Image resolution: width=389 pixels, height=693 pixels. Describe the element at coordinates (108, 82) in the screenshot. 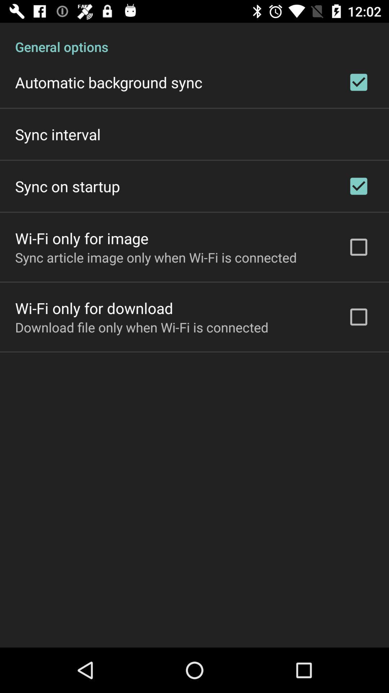

I see `automatic background sync` at that location.